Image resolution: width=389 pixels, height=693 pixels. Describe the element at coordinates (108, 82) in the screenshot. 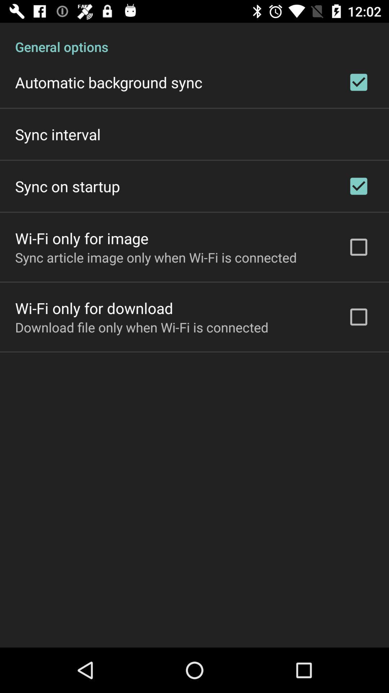

I see `automatic background sync` at that location.